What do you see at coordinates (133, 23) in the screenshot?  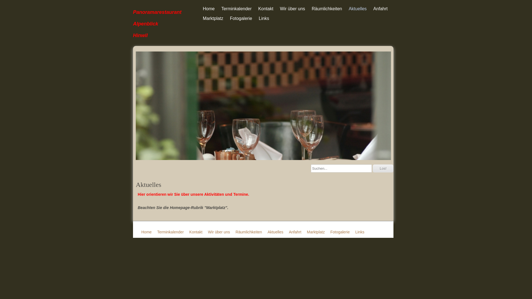 I see `'Panoramarestaurant Alpenblick` at bounding box center [133, 23].